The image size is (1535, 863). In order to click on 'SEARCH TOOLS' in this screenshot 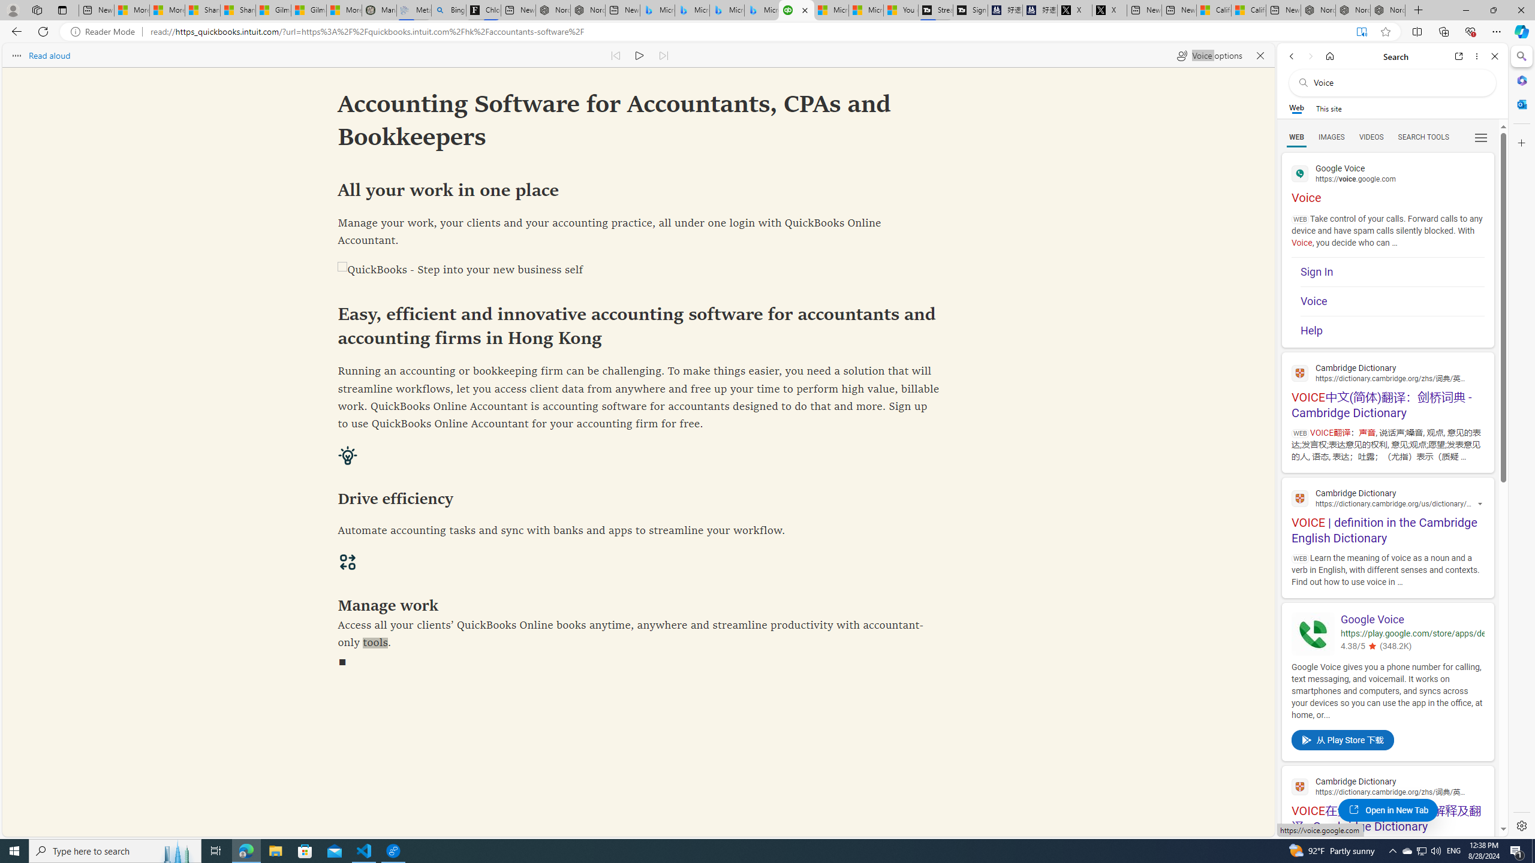, I will do `click(1423, 137)`.